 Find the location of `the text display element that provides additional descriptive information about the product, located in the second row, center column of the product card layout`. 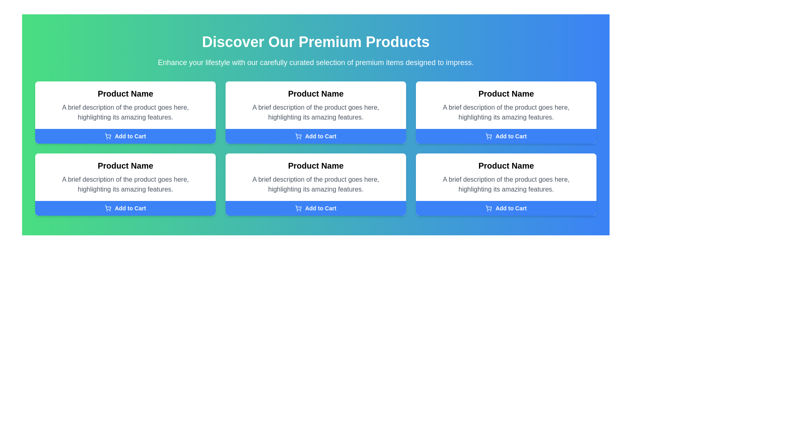

the text display element that provides additional descriptive information about the product, located in the second row, center column of the product card layout is located at coordinates (315, 185).